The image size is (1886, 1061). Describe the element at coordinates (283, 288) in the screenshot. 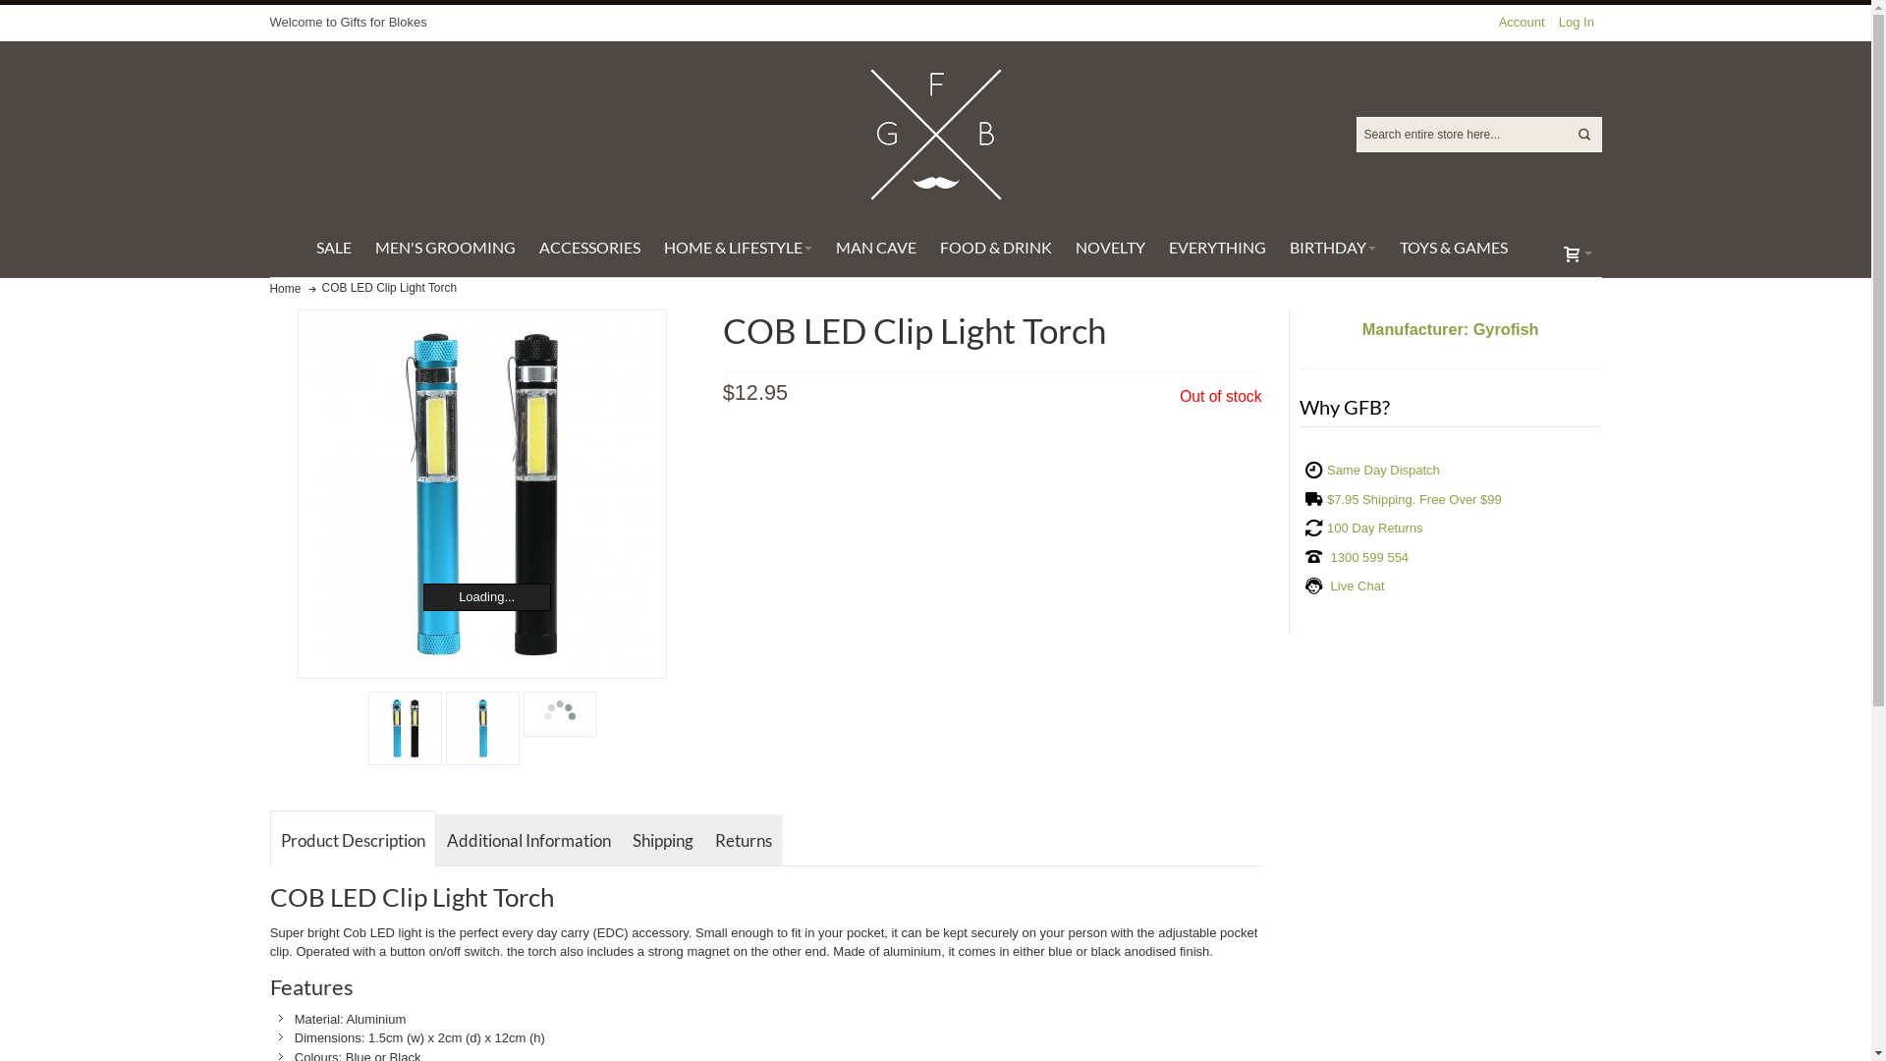

I see `'Home'` at that location.